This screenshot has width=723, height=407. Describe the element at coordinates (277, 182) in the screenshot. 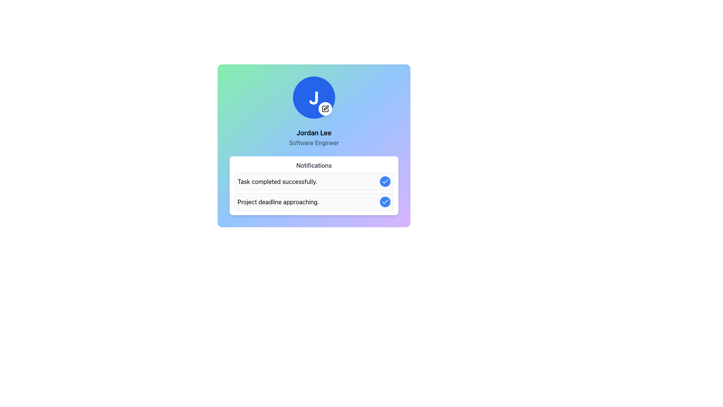

I see `the text element that conveys the message 'Task completed successfully.' located at the top of the notification box near the center of the interface` at that location.